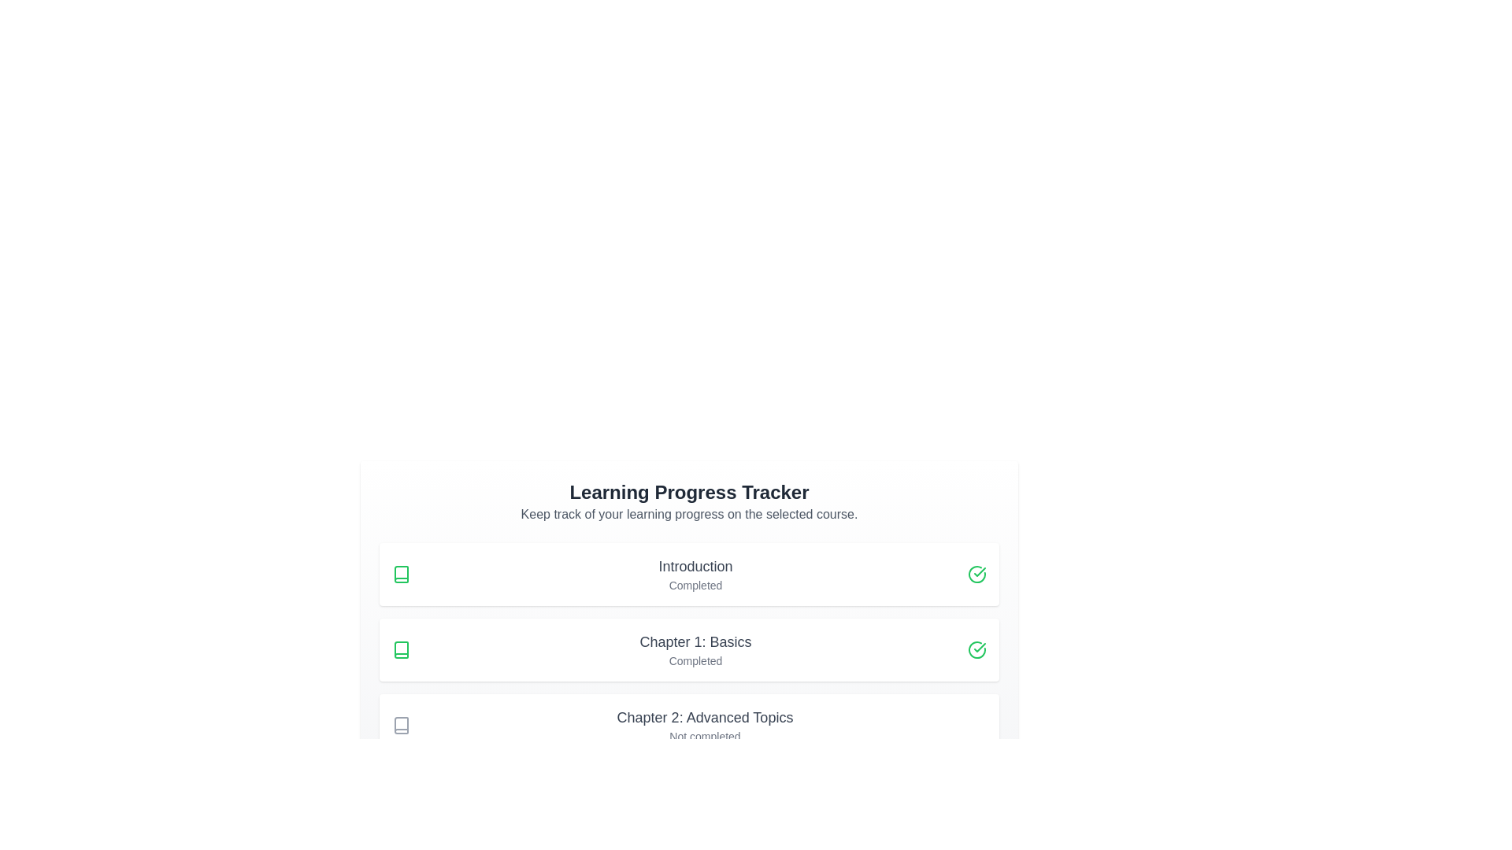 The width and height of the screenshot is (1512, 850). What do you see at coordinates (401, 649) in the screenshot?
I see `the book icon that represents 'Chapter 1: Basics', which is the second indicator within its row, located between 'Introduction' and 'Chapter 2: Advanced Topics'` at bounding box center [401, 649].